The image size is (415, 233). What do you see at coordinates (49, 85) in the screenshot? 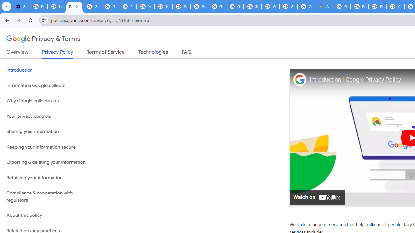
I see `'Information Google collects'` at bounding box center [49, 85].